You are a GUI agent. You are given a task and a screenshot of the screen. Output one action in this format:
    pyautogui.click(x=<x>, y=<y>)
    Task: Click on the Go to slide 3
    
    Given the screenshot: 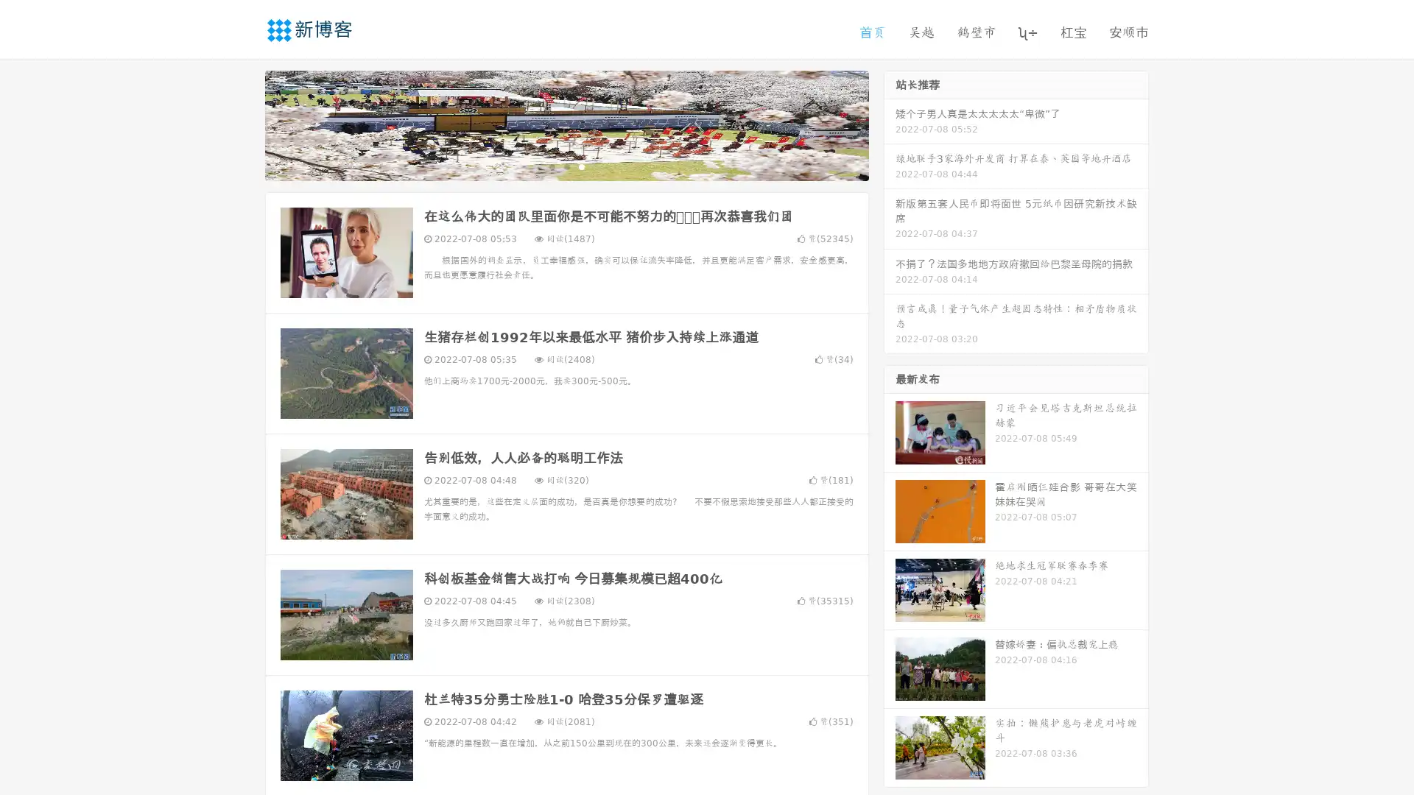 What is the action you would take?
    pyautogui.click(x=581, y=166)
    